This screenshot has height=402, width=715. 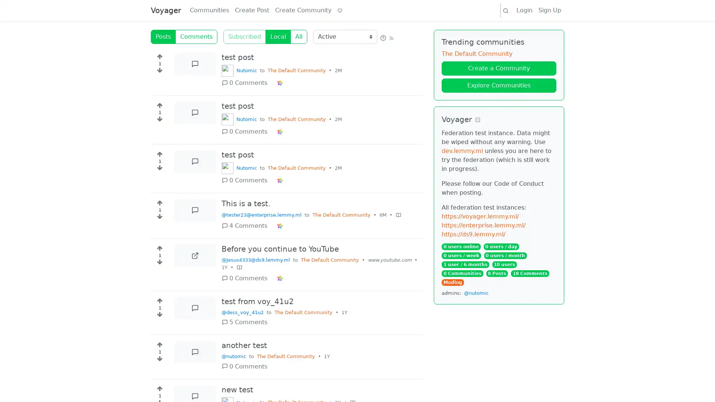 What do you see at coordinates (506, 10) in the screenshot?
I see `Search` at bounding box center [506, 10].